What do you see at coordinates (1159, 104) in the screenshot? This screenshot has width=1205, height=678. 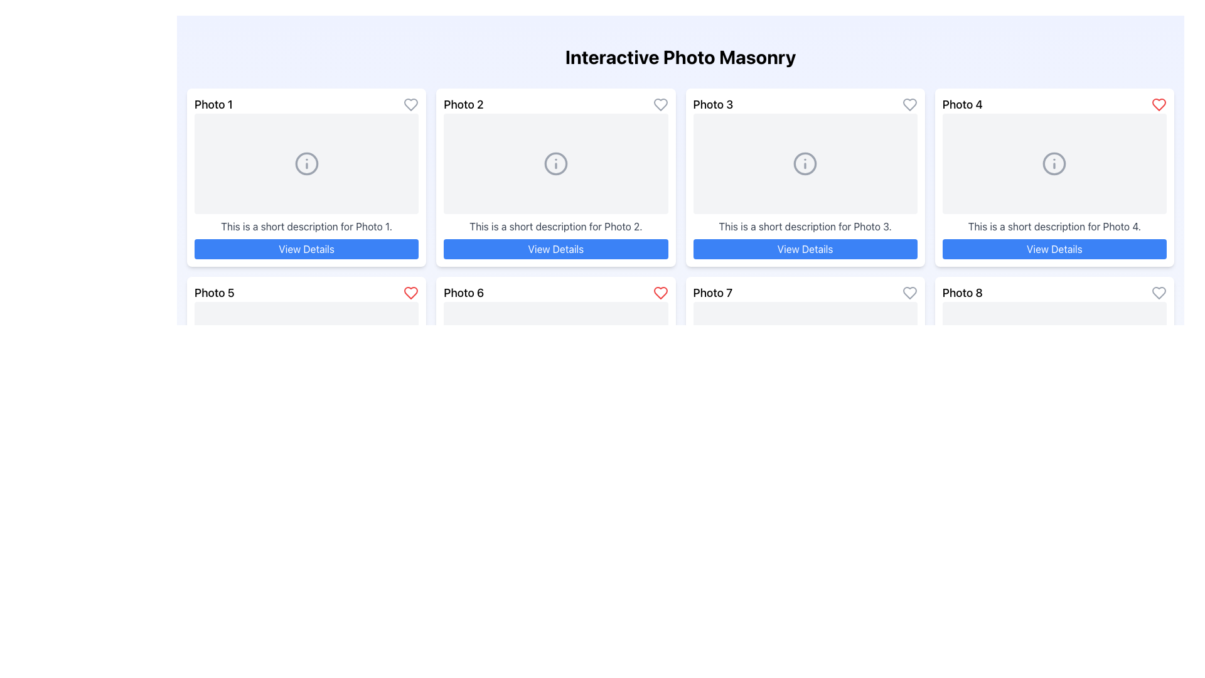 I see `the 'like' icon button located in the top-right corner of the 'Photo 4' card` at bounding box center [1159, 104].